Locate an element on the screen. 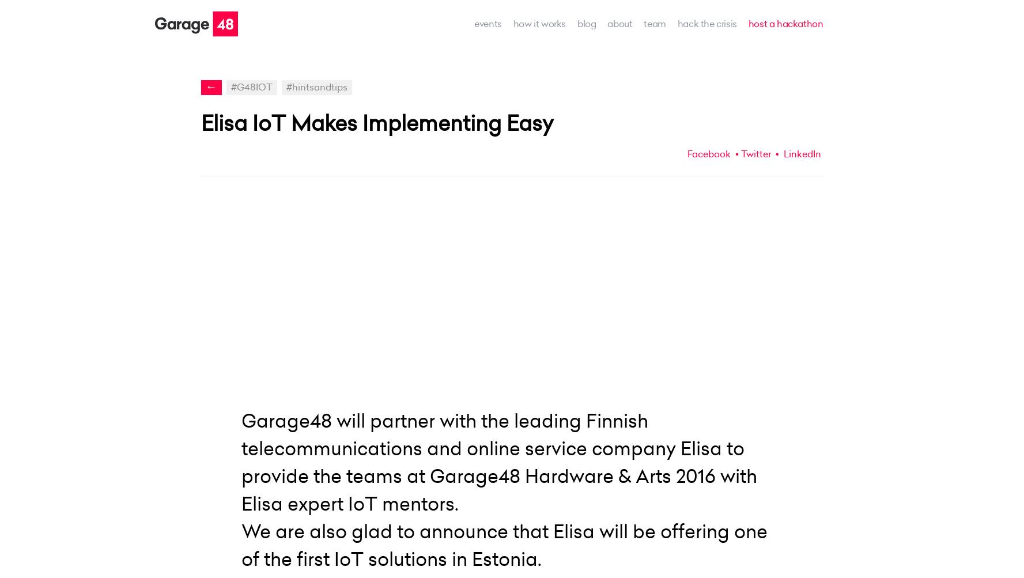 The height and width of the screenshot is (578, 1024). 'We are also glad to announce that Elisa will be offering one of the first IoT solutions in Estonia.' is located at coordinates (503, 544).